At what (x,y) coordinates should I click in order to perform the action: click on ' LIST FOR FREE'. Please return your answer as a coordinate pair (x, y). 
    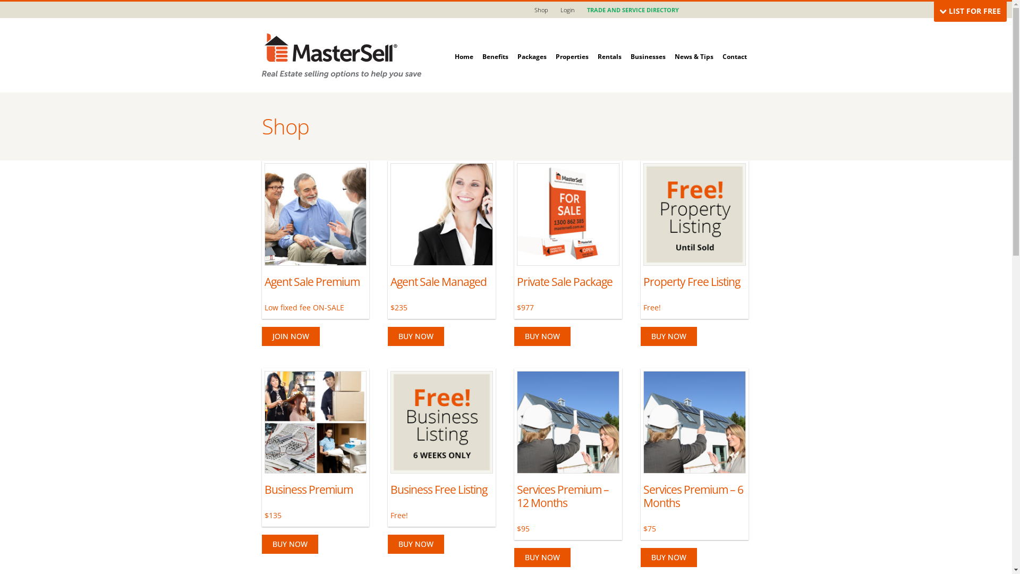
    Looking at the image, I should click on (970, 11).